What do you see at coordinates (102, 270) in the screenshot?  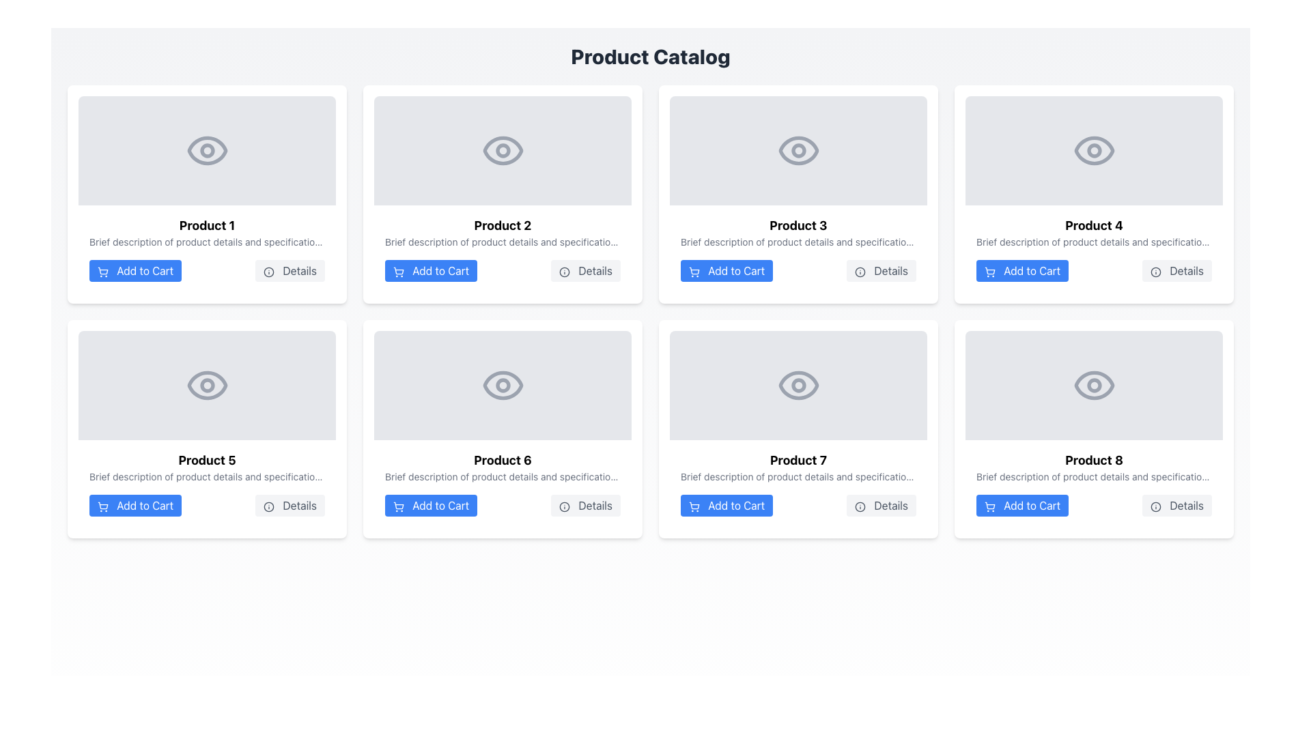 I see `the shopping cart icon within the 'Add to Cart' button for 'Product 1' in the product catalog grid` at bounding box center [102, 270].